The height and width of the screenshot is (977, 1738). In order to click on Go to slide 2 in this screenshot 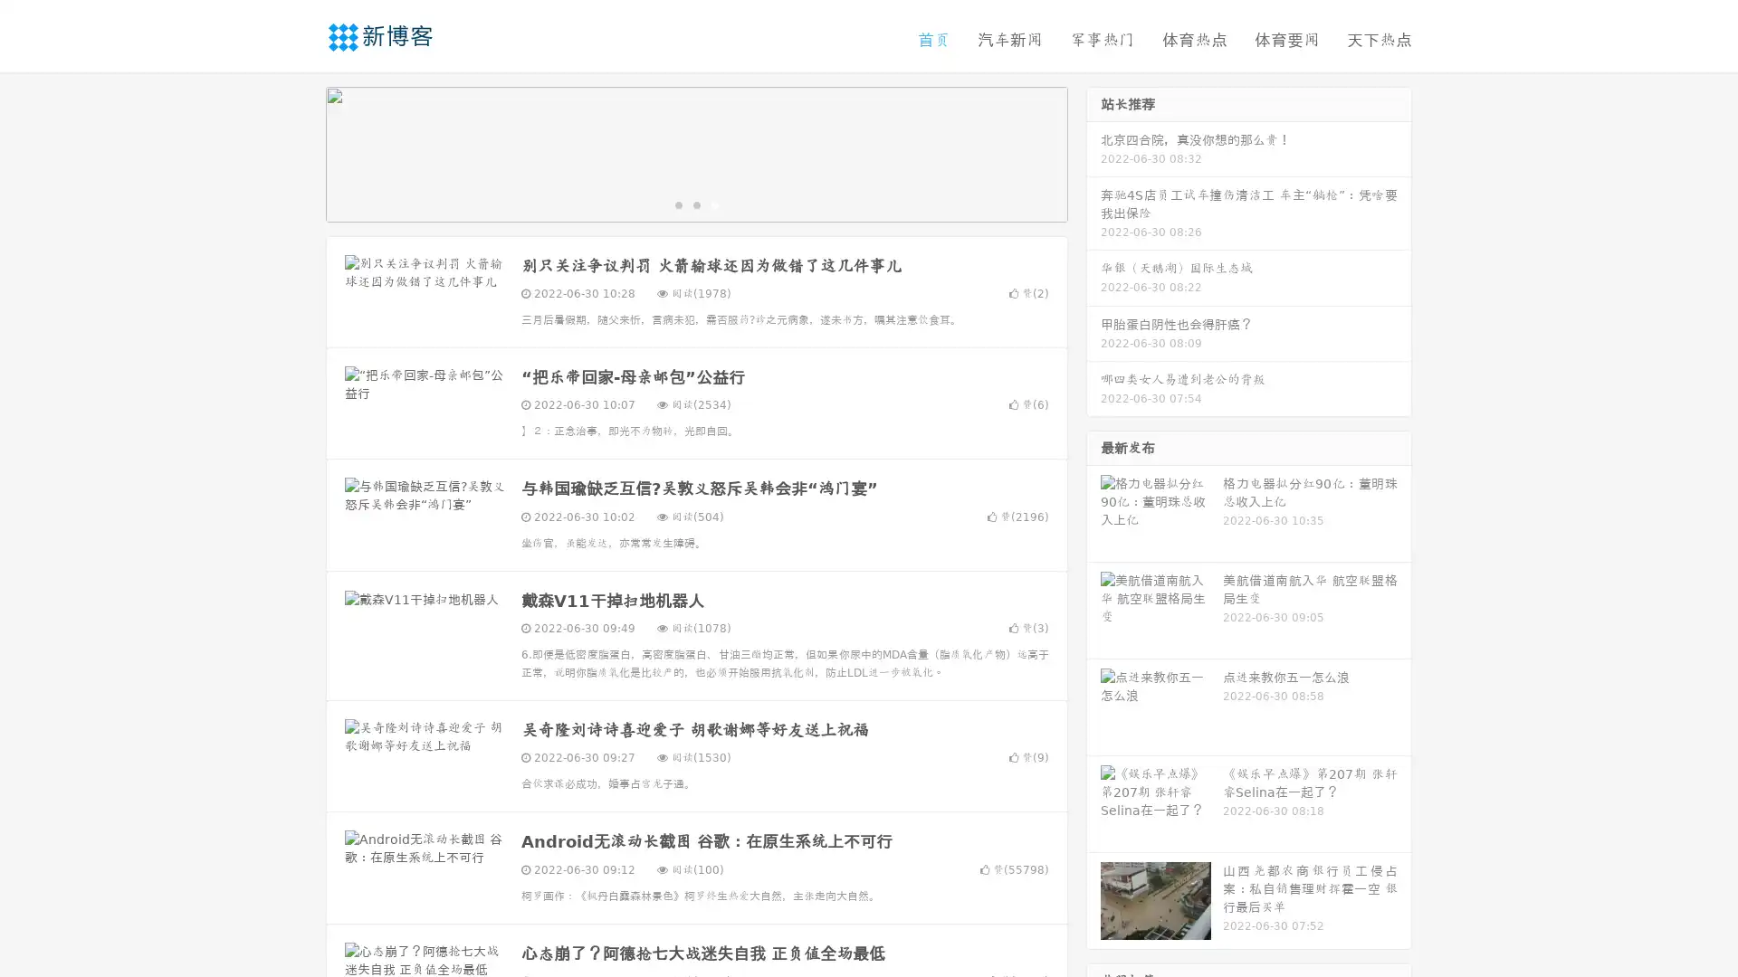, I will do `click(695, 204)`.